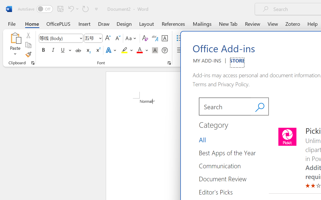 The height and width of the screenshot is (200, 321). I want to click on 'Subscript', so click(88, 50).